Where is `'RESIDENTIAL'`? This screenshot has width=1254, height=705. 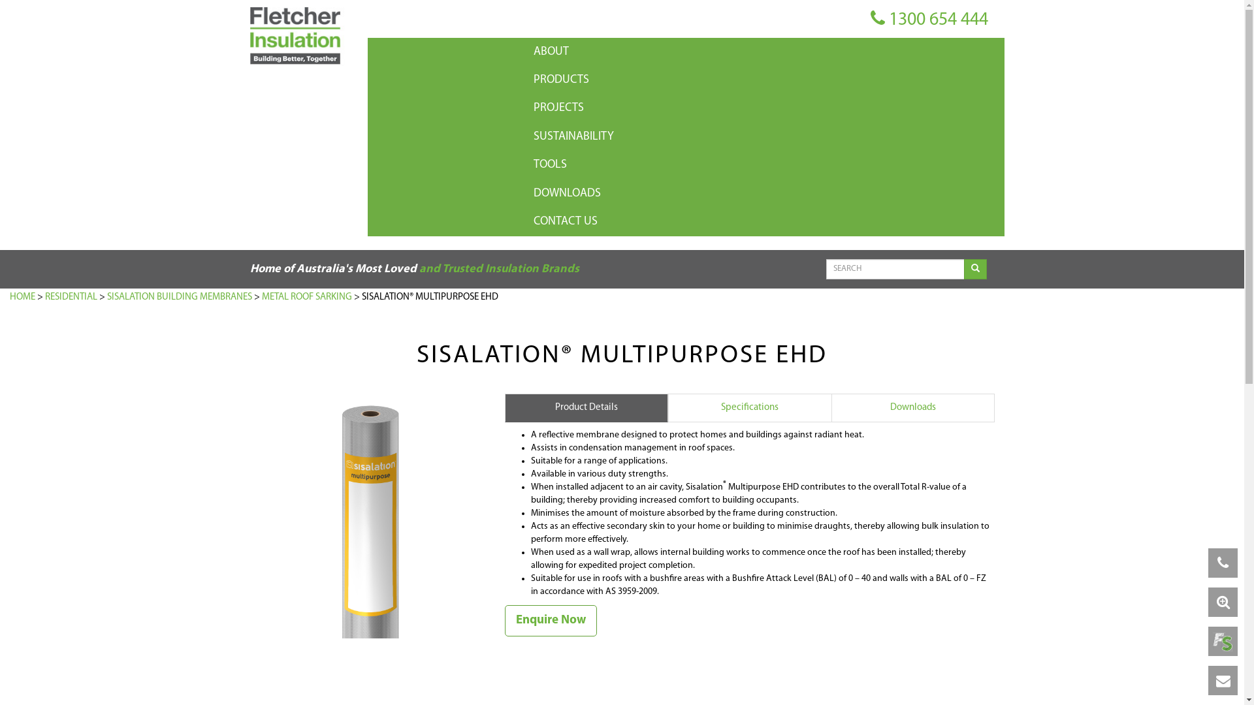
'RESIDENTIAL' is located at coordinates (71, 297).